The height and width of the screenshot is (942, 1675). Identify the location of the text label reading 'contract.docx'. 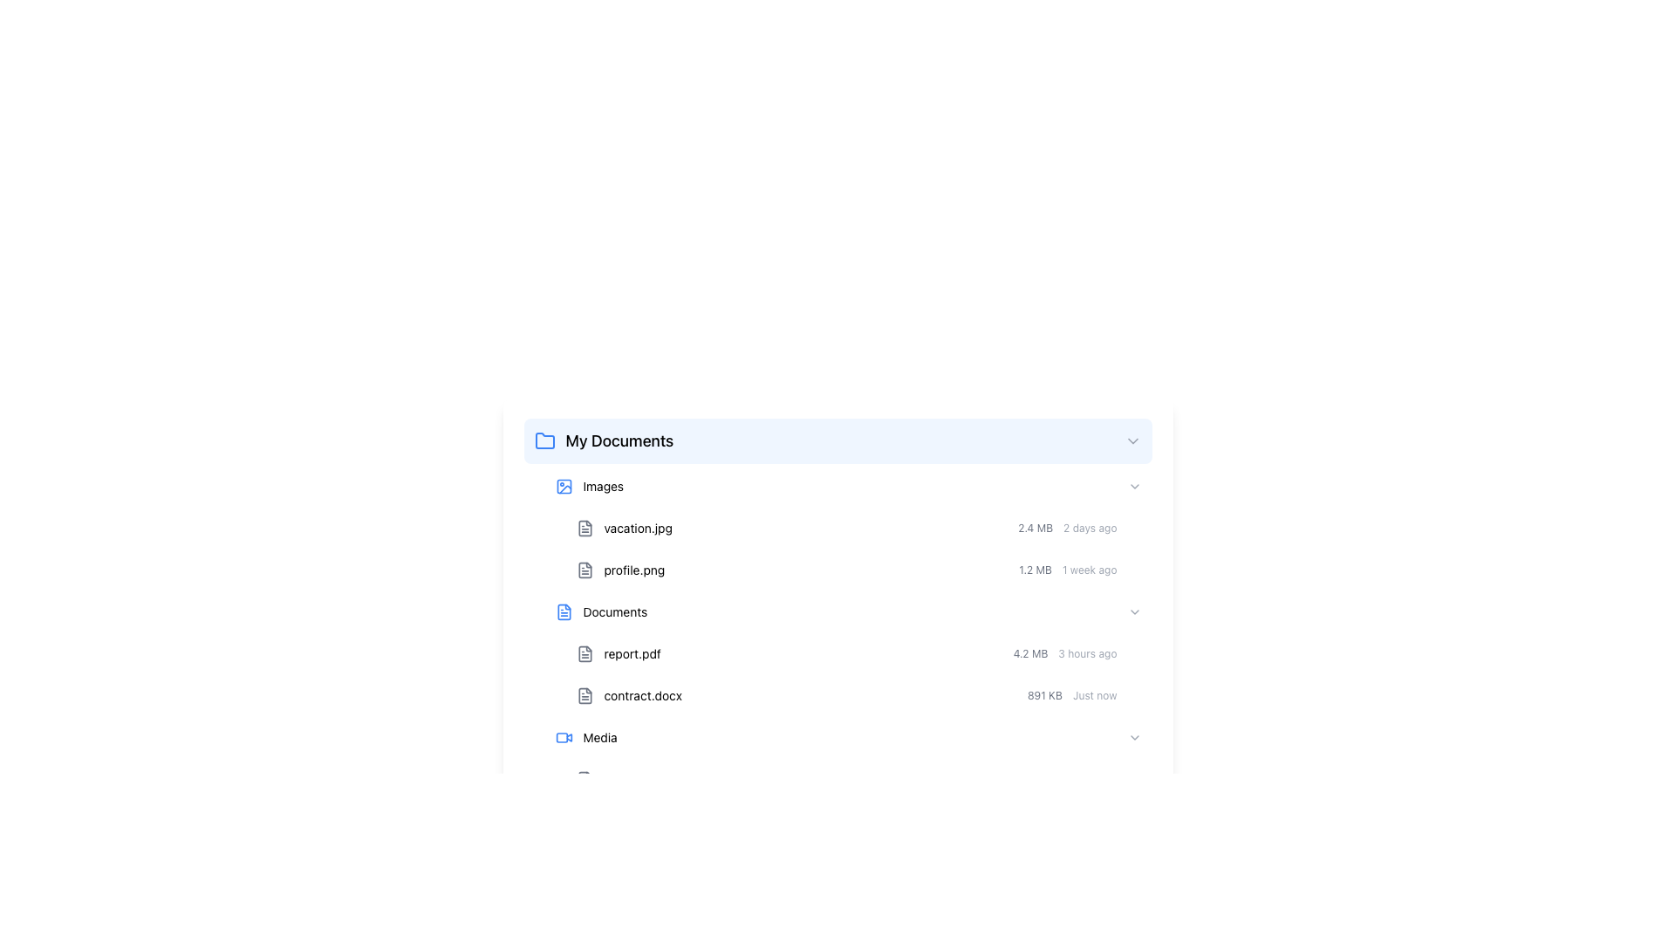
(642, 695).